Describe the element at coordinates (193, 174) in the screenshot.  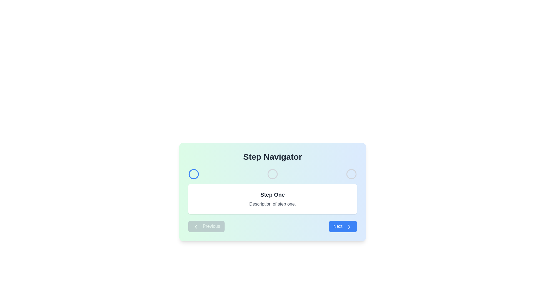
I see `the status of the first circular step indicator with a blue border in the 'Step Navigator' component, positioned on the leftmost side of the step indicators` at that location.